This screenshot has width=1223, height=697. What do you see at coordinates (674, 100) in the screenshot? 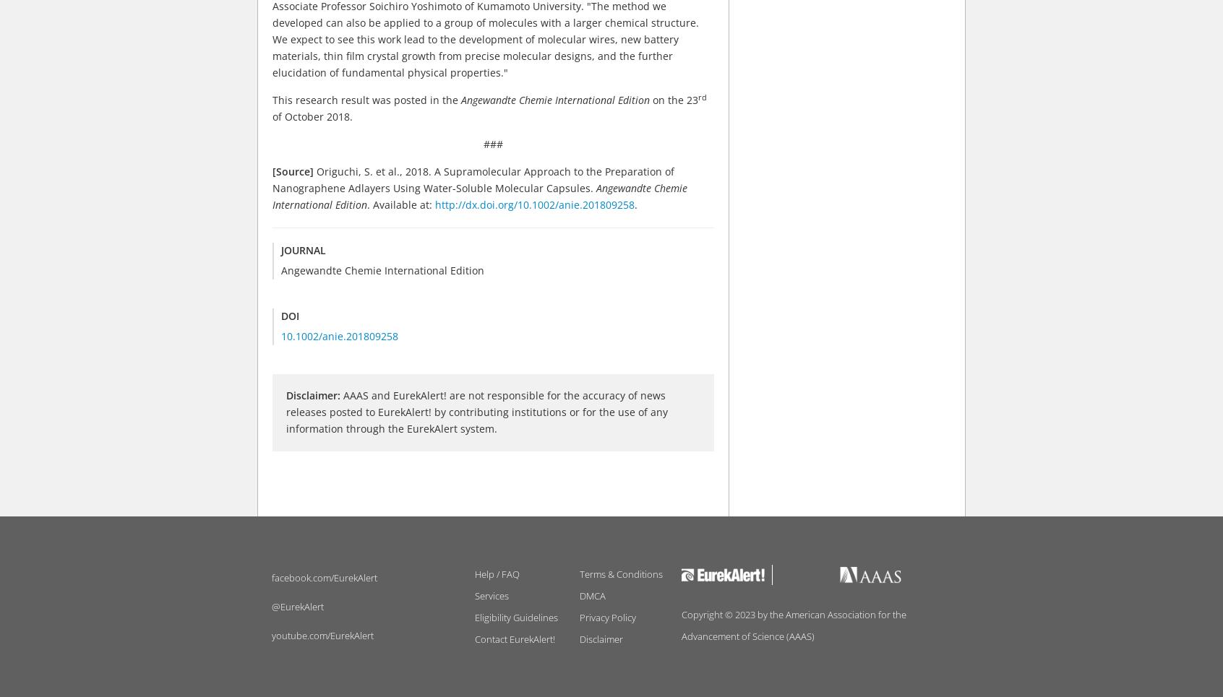
I see `'on the 23'` at bounding box center [674, 100].